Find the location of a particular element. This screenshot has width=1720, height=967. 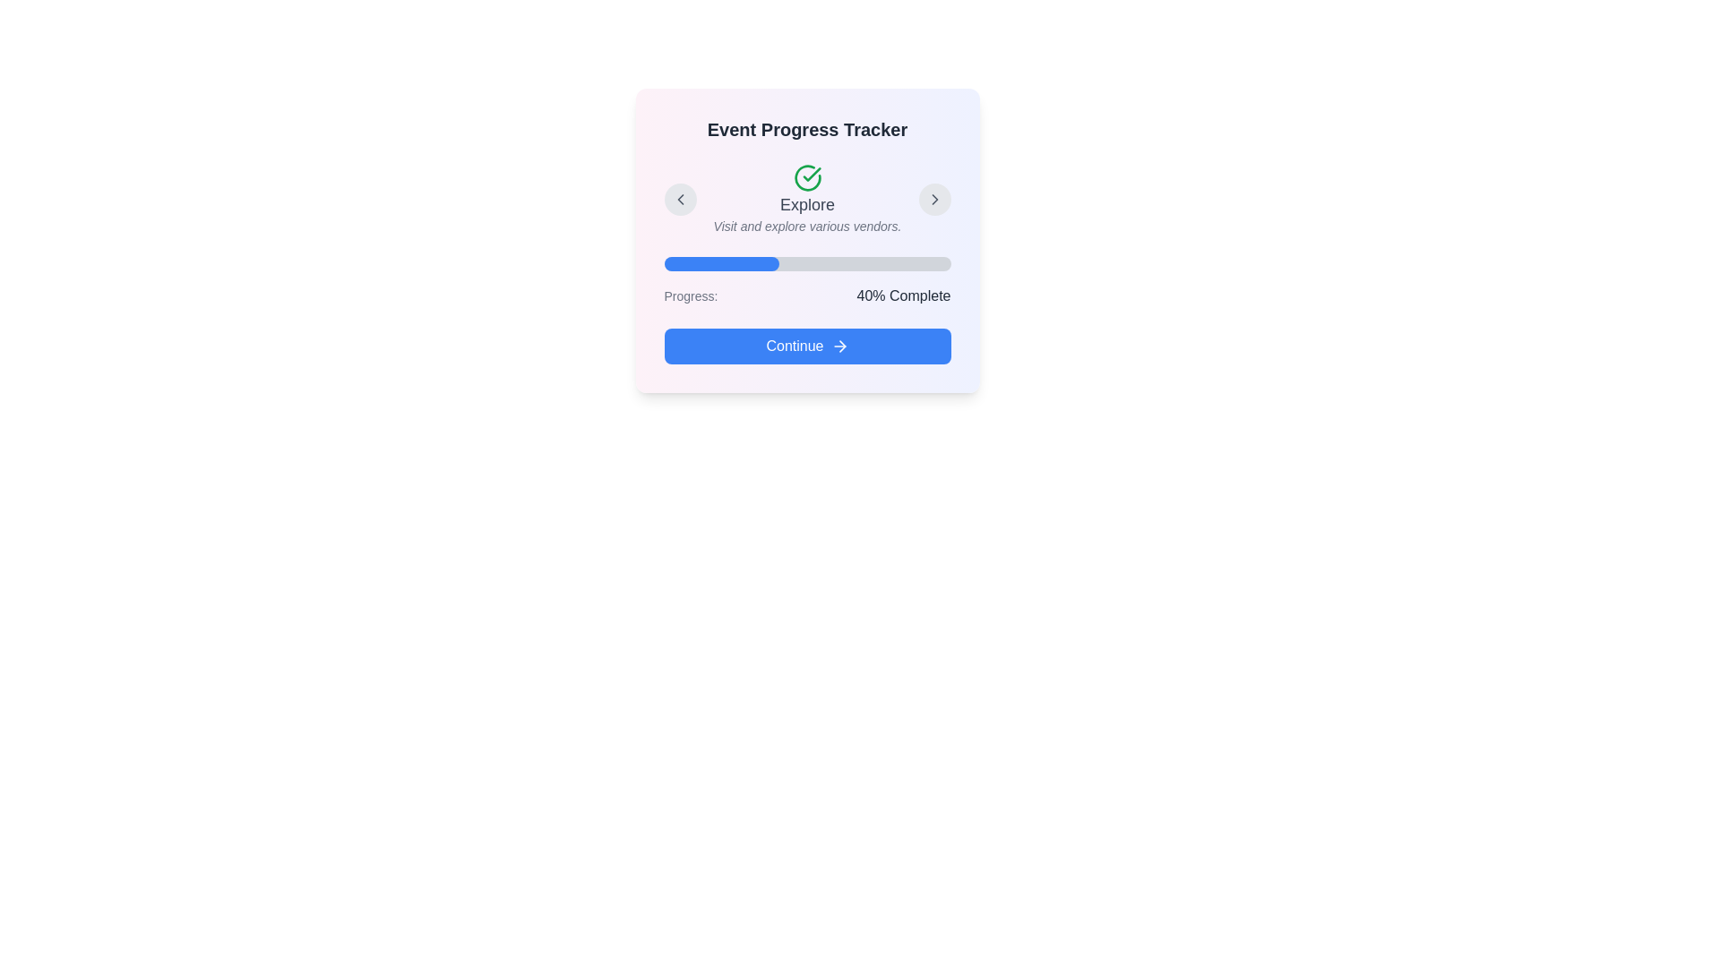

the 'Explore' icon, which is an SVG graphic located at the top-center of the card, serving as a visual indicator for a completed or confirmed action is located at coordinates (806, 178).